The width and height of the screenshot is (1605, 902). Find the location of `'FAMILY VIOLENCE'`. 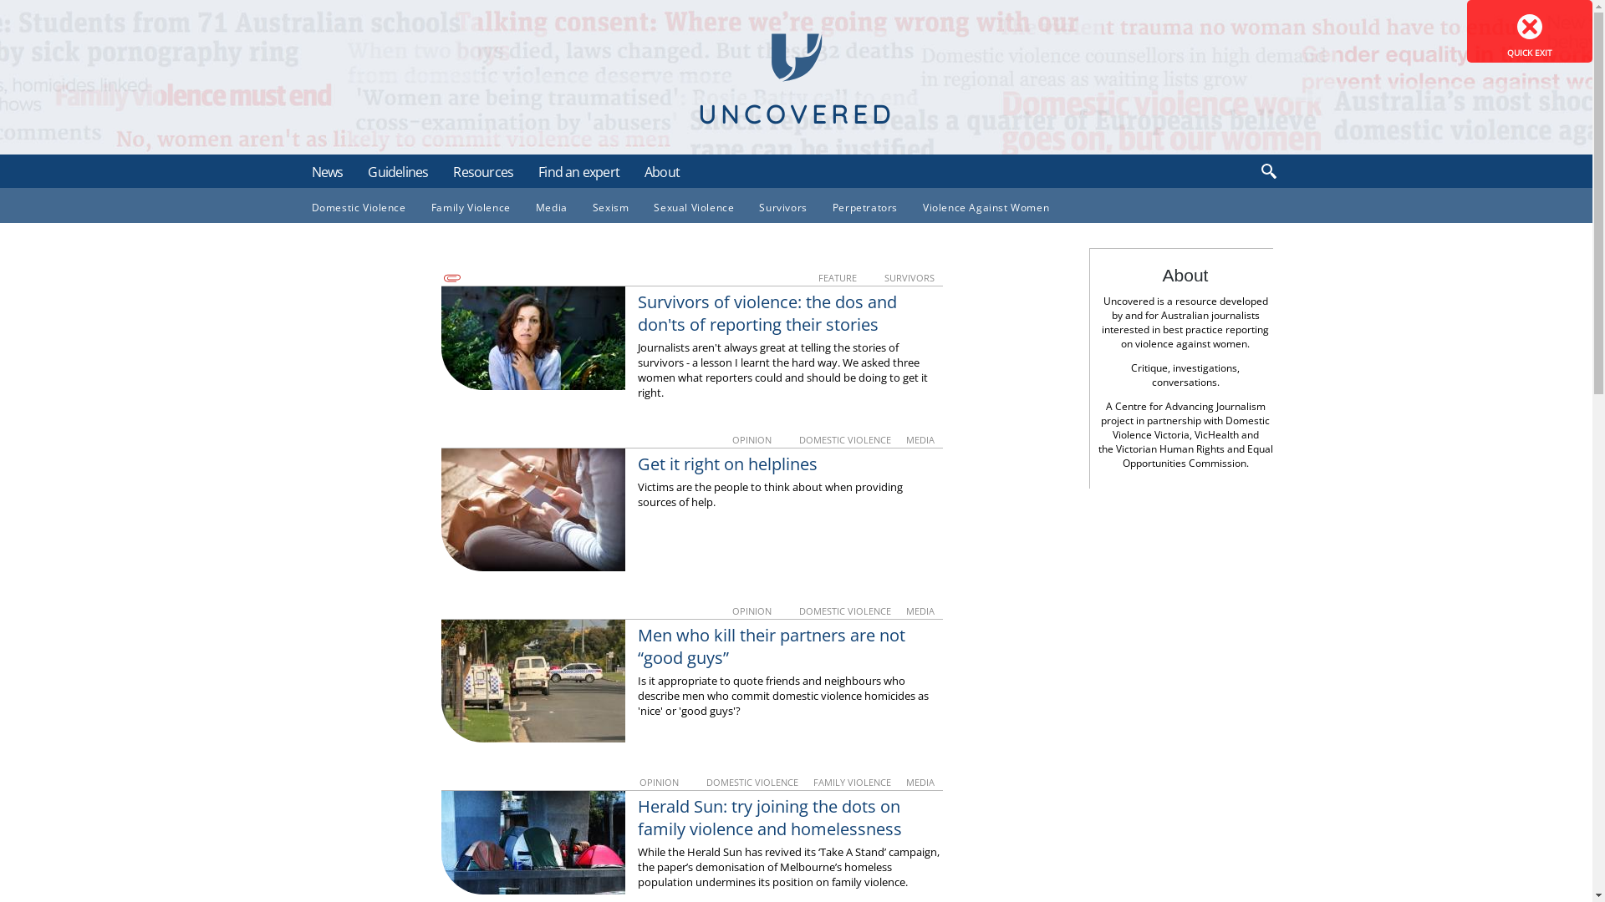

'FAMILY VIOLENCE' is located at coordinates (852, 782).